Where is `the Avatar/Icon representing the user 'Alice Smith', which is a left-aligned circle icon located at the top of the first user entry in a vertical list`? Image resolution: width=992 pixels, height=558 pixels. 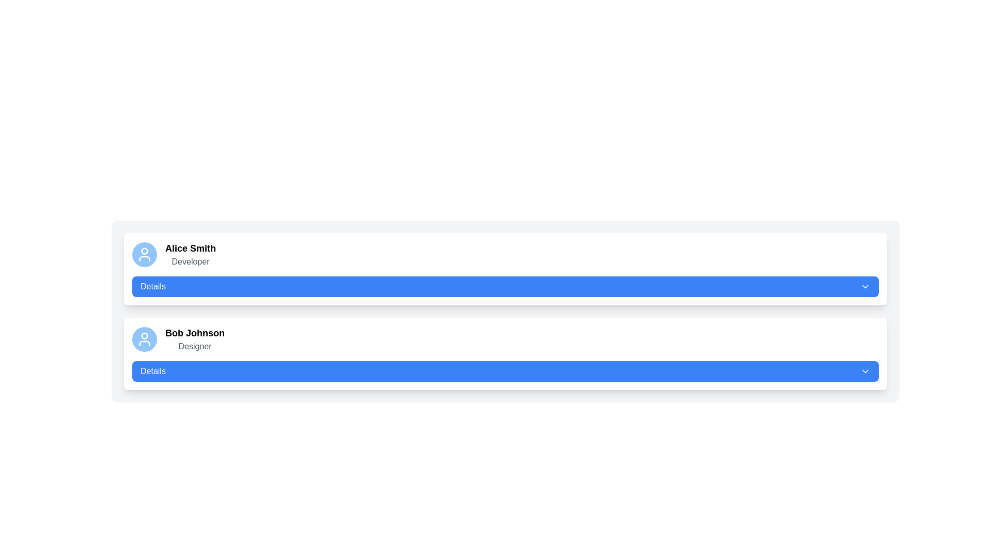 the Avatar/Icon representing the user 'Alice Smith', which is a left-aligned circle icon located at the top of the first user entry in a vertical list is located at coordinates (144, 255).